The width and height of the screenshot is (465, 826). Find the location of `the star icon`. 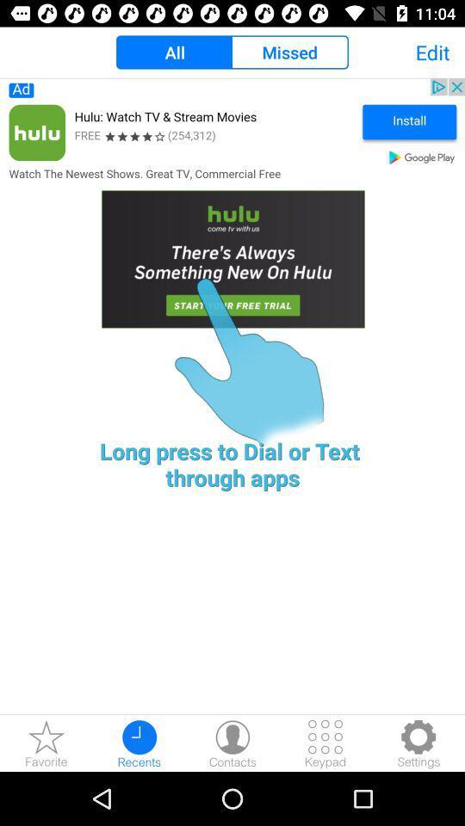

the star icon is located at coordinates (46, 743).